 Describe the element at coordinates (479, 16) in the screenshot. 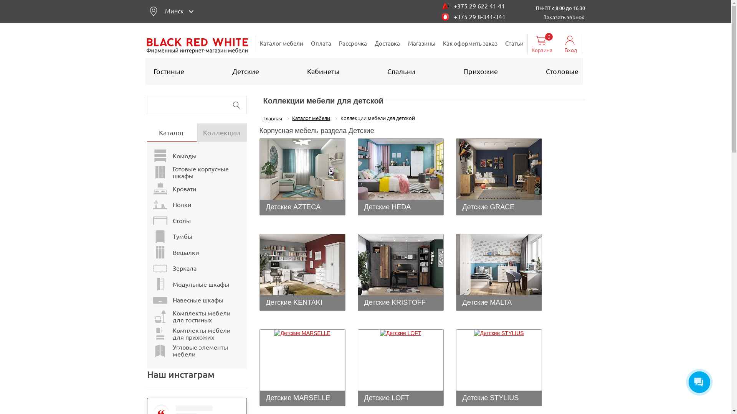

I see `'+375 29 8-341-341'` at that location.